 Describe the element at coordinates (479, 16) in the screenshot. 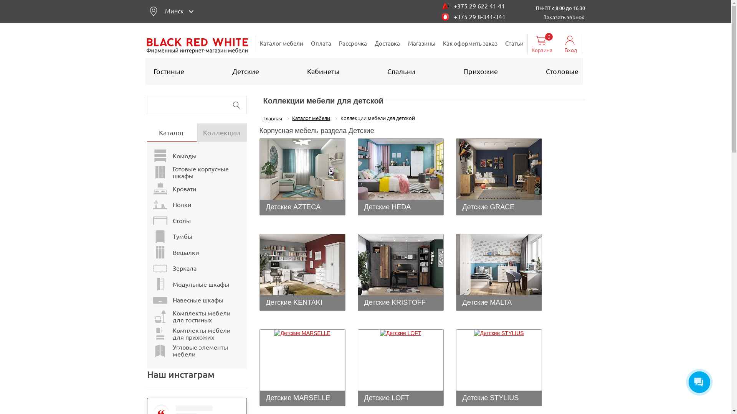

I see `'+375 29 8-341-341'` at that location.